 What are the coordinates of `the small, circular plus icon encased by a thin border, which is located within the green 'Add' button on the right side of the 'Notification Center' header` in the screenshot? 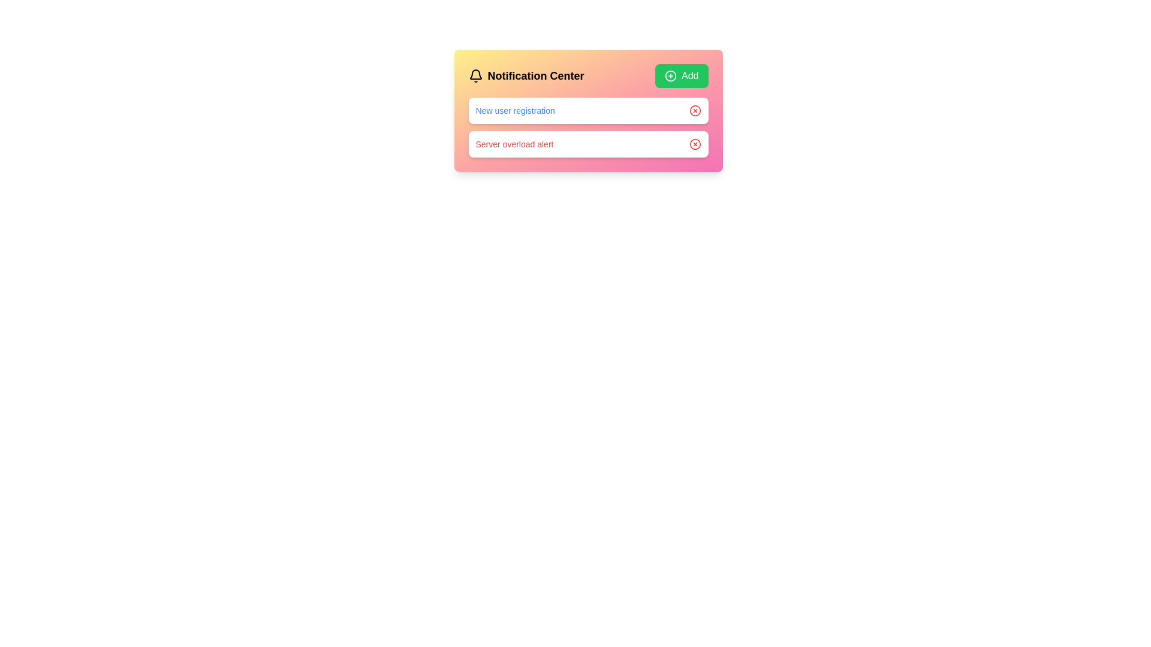 It's located at (670, 76).